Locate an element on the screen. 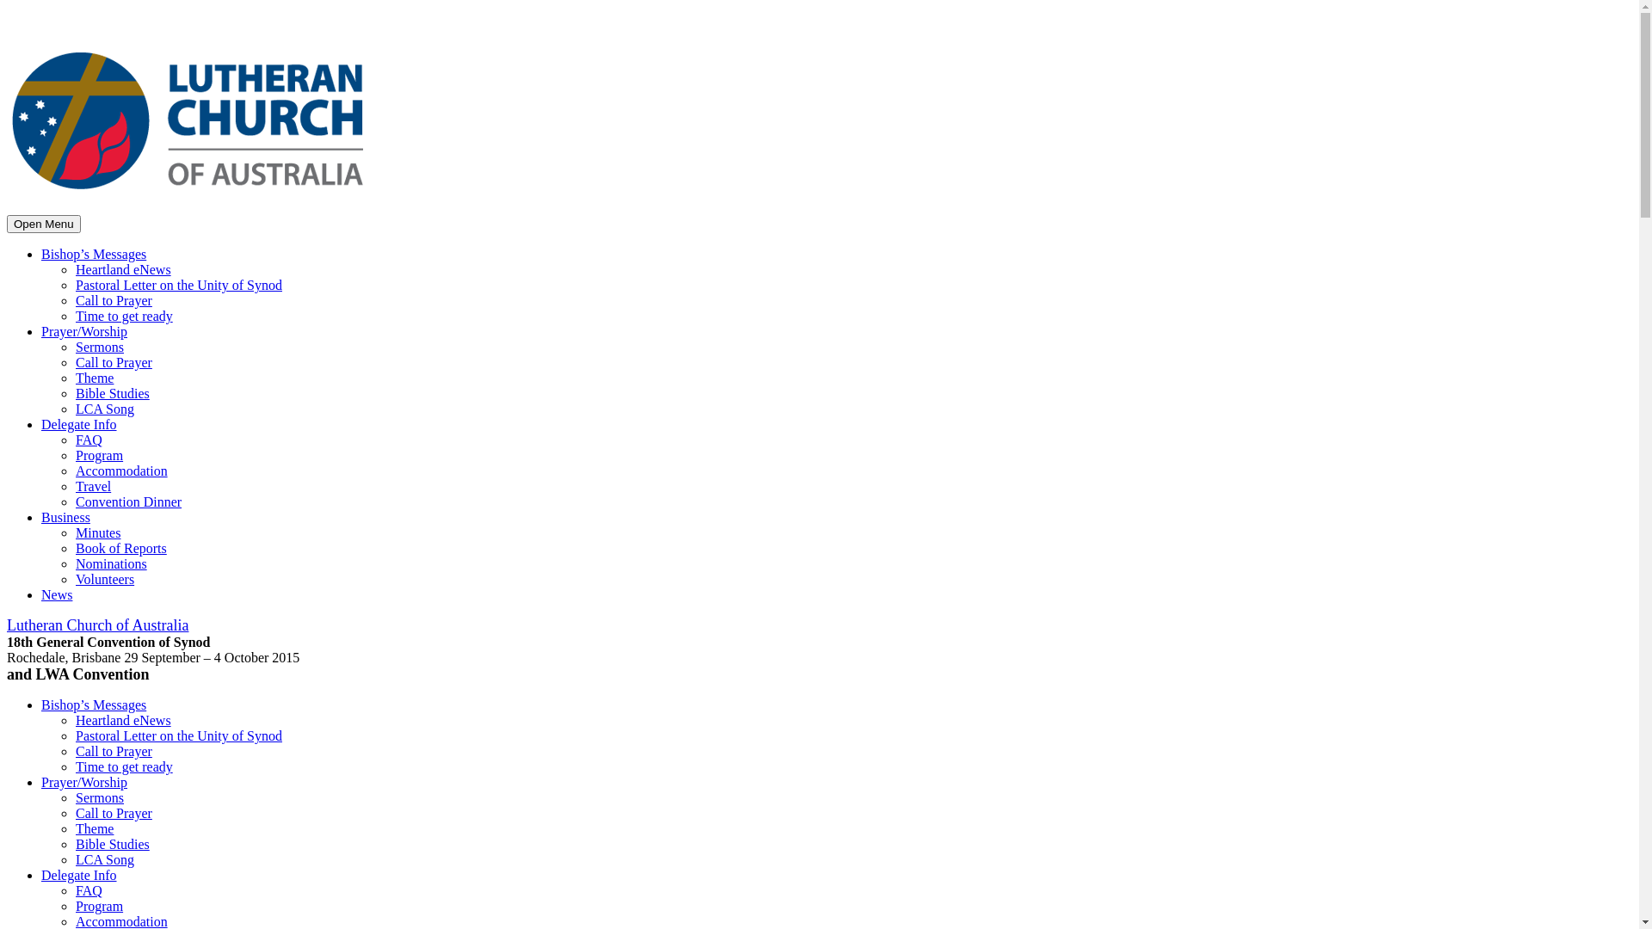 The image size is (1652, 929). 'Time to get ready' is located at coordinates (123, 316).